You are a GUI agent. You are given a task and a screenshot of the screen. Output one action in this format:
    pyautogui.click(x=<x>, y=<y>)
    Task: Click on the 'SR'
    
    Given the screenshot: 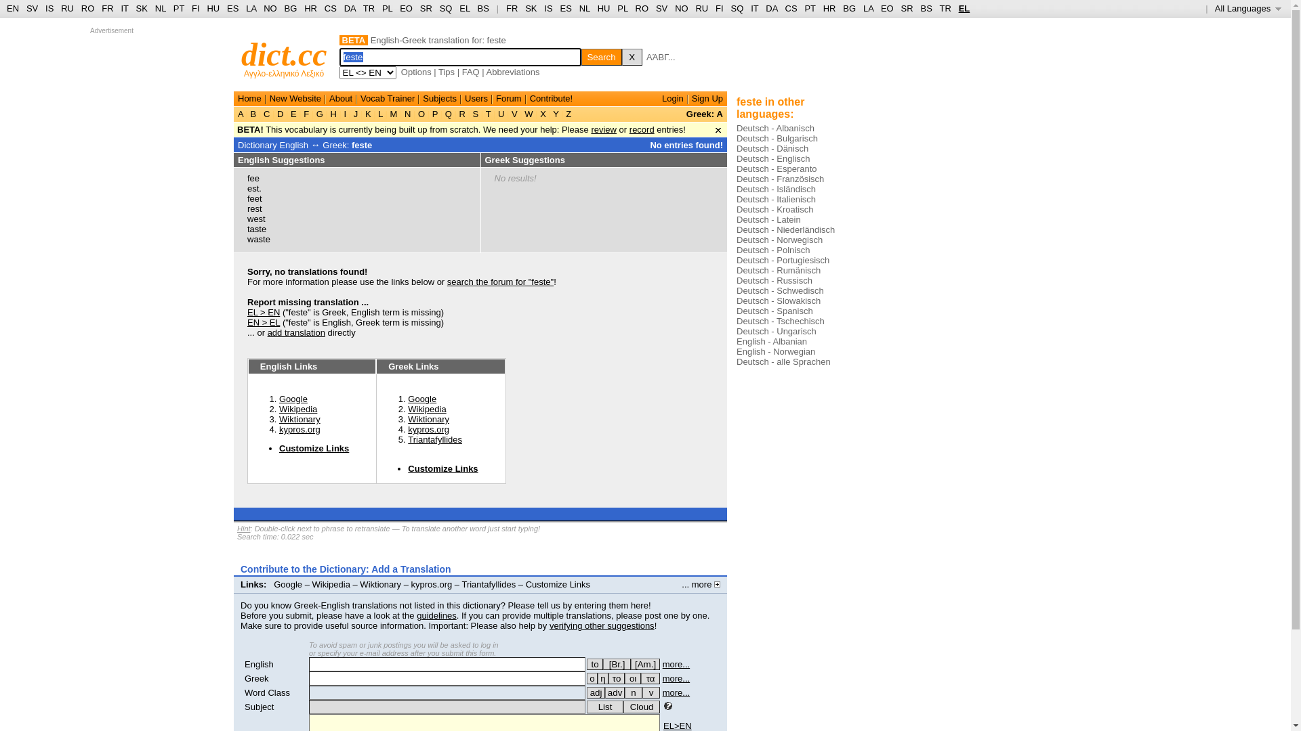 What is the action you would take?
    pyautogui.click(x=425, y=8)
    